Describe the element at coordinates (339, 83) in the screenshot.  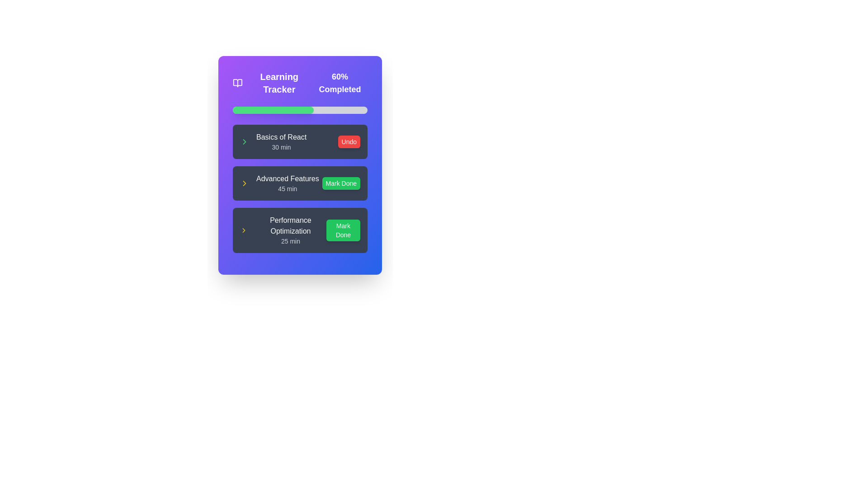
I see `the progress percentage Text Label that displays task completion, located to the right of the 'Learning Tracker' label` at that location.